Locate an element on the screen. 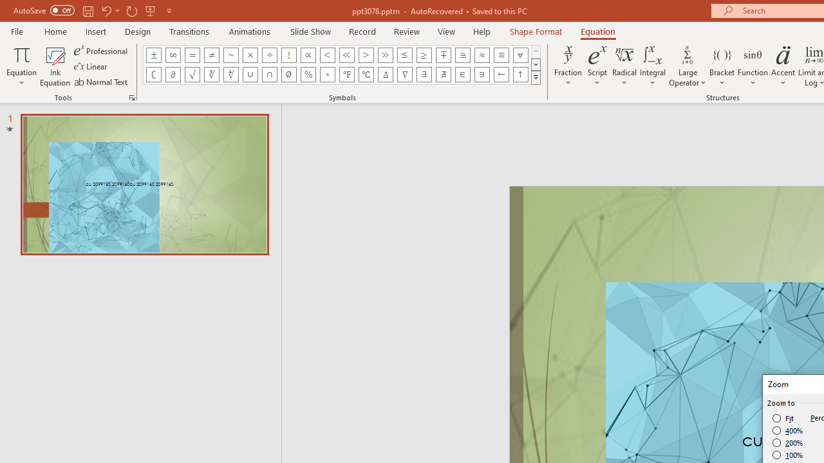 The height and width of the screenshot is (463, 824). '100%' is located at coordinates (787, 454).